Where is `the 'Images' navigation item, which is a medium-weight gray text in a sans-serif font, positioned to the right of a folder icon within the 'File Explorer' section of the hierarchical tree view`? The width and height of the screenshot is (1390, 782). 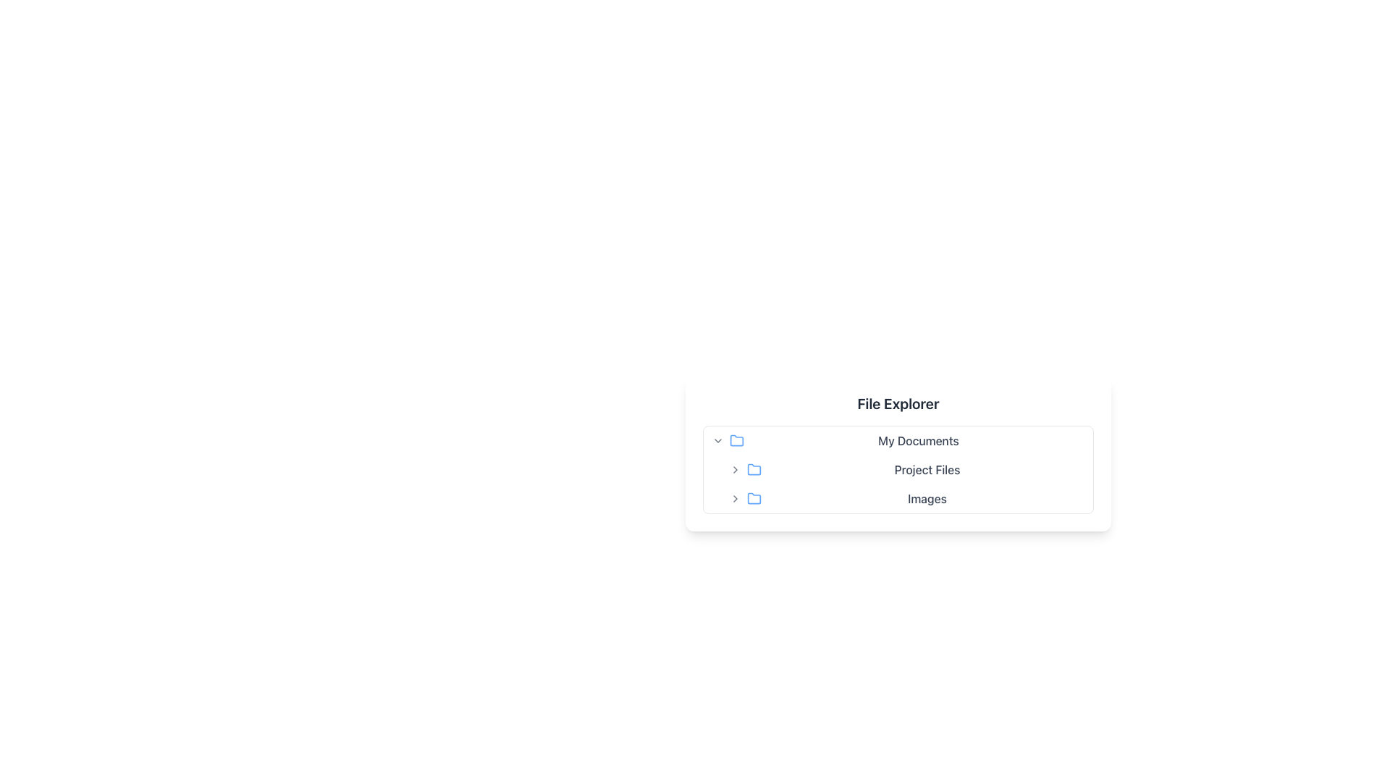
the 'Images' navigation item, which is a medium-weight gray text in a sans-serif font, positioned to the right of a folder icon within the 'File Explorer' section of the hierarchical tree view is located at coordinates (927, 498).